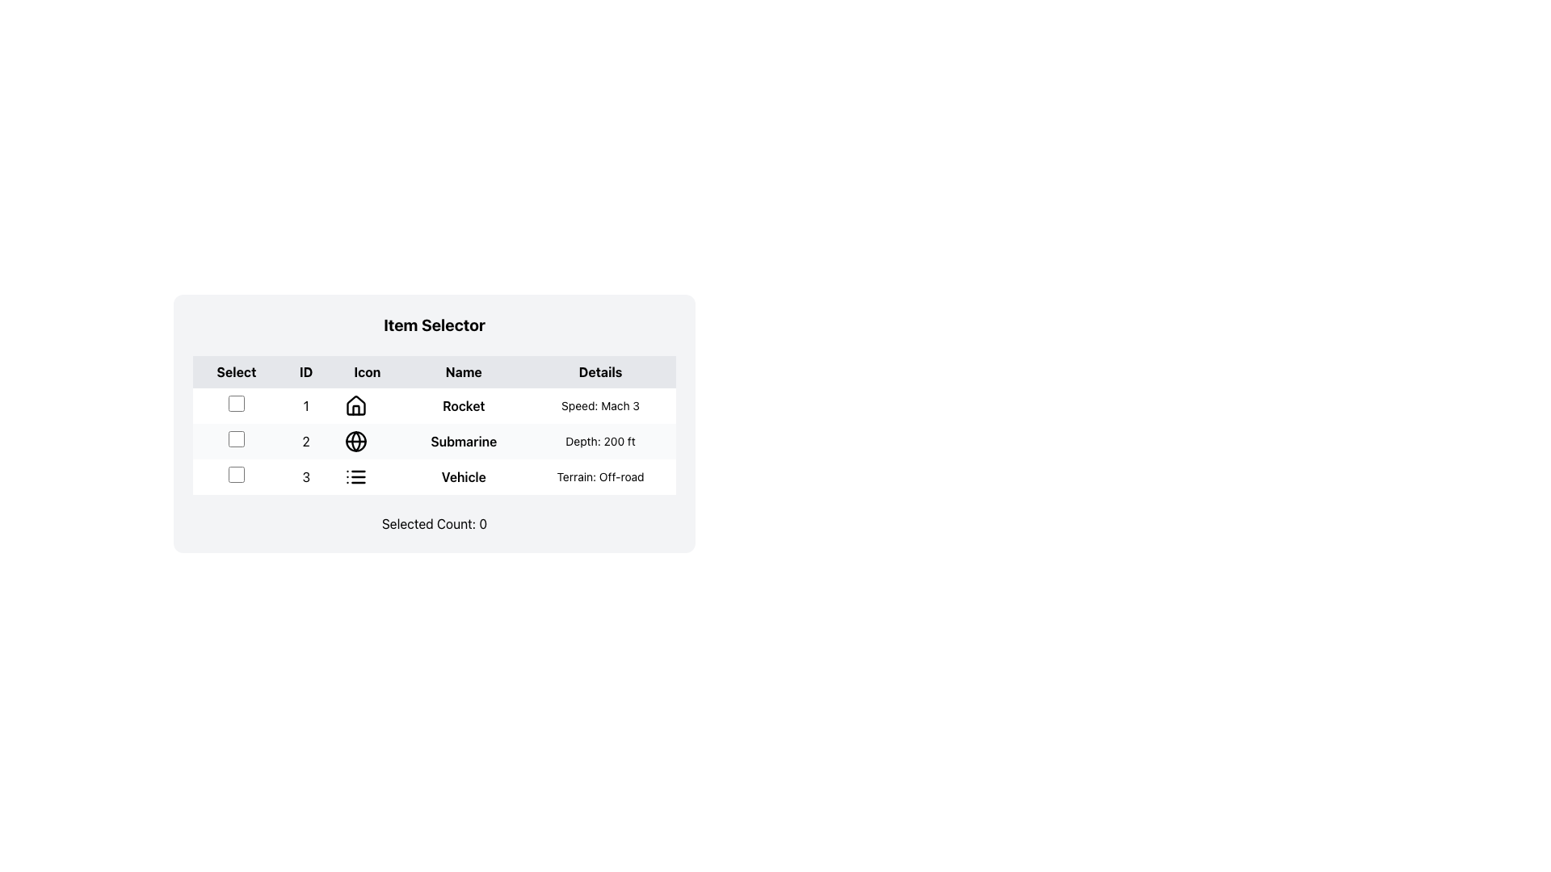 This screenshot has height=872, width=1551. Describe the element at coordinates (463, 476) in the screenshot. I see `text displayed in the Text Label that shows 'Vehicle' in the third row of the table under the 'Name' column` at that location.